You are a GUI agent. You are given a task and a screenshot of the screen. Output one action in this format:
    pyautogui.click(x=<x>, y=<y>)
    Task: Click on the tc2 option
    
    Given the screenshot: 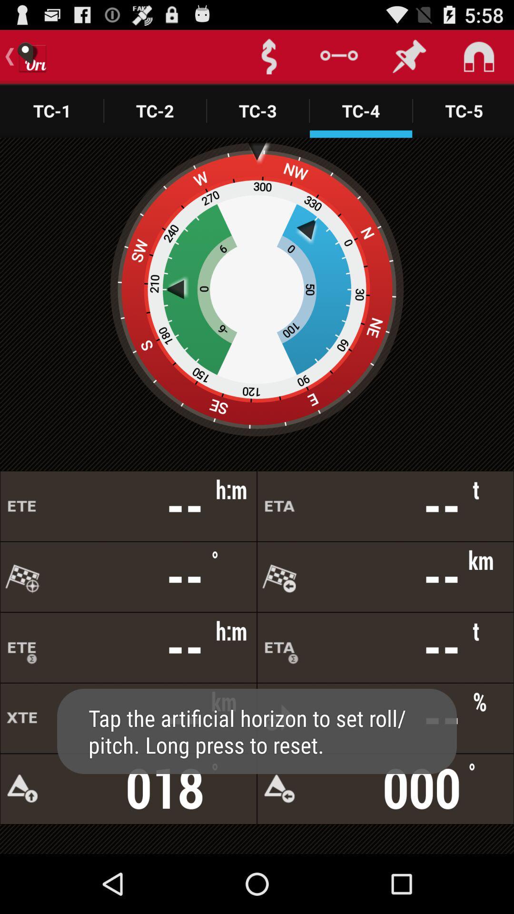 What is the action you would take?
    pyautogui.click(x=155, y=111)
    